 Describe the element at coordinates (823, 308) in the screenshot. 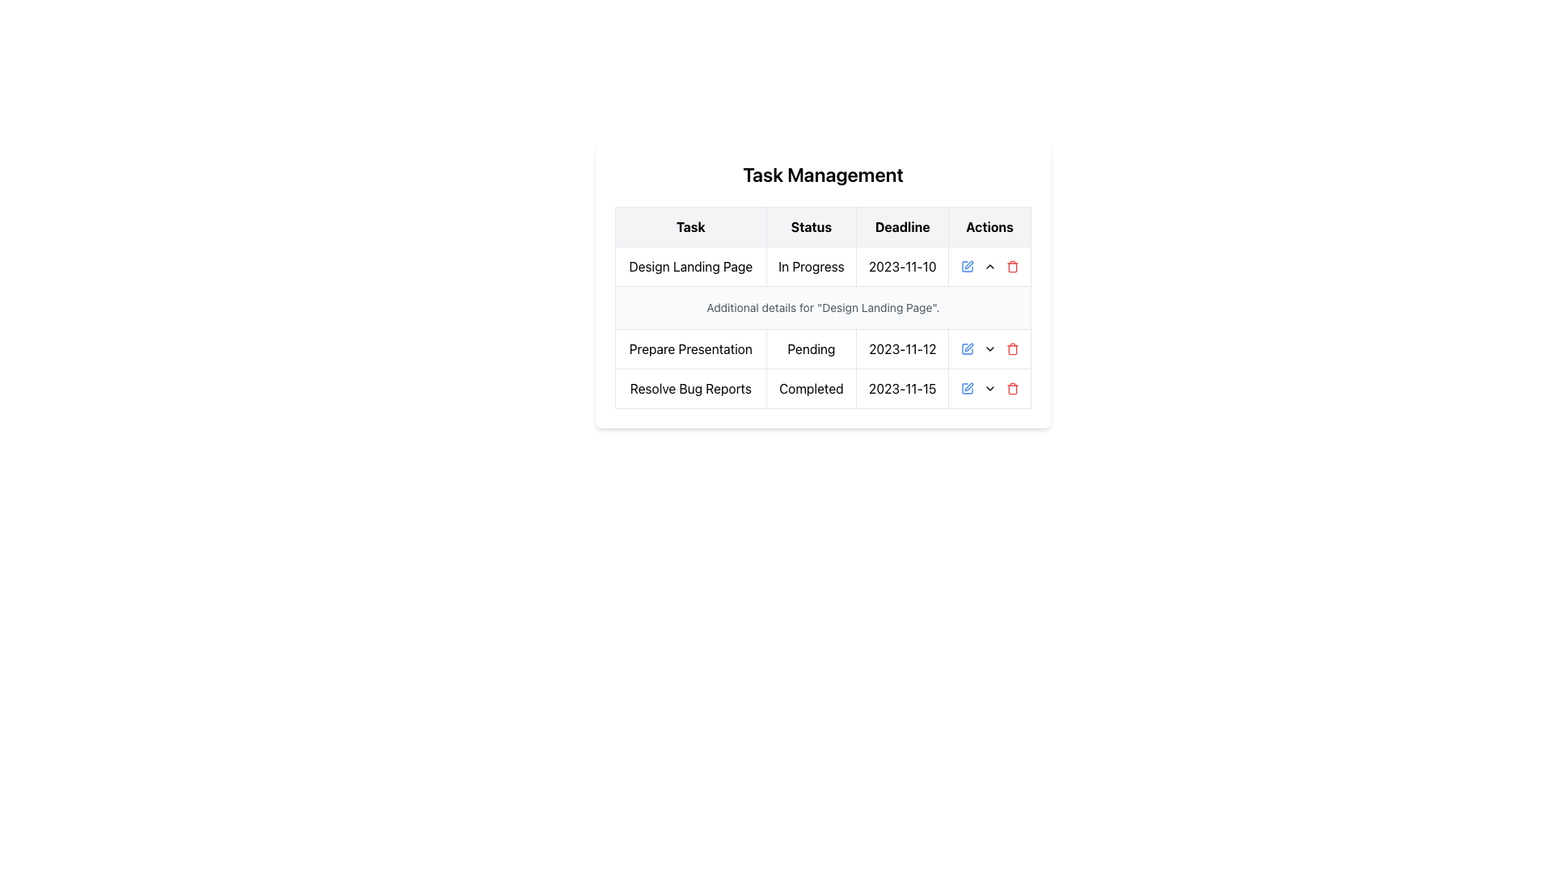

I see `the task management table element` at that location.